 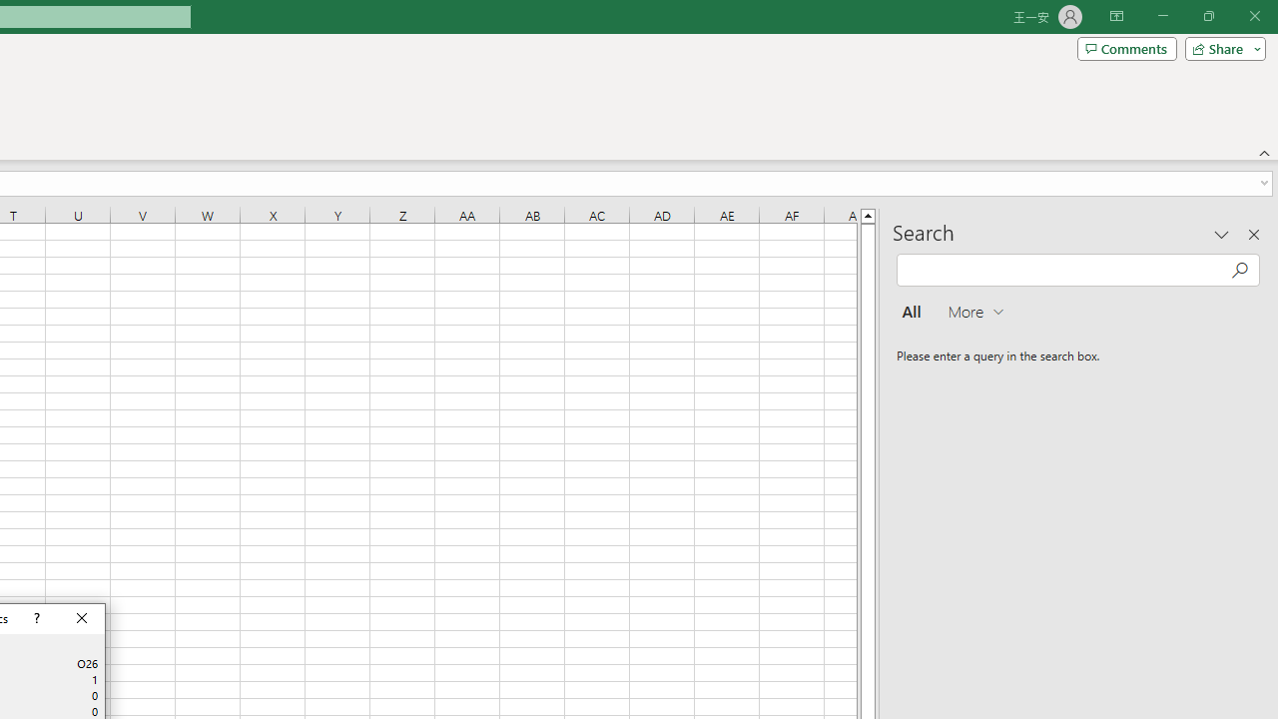 I want to click on 'Close pane', so click(x=1253, y=234).